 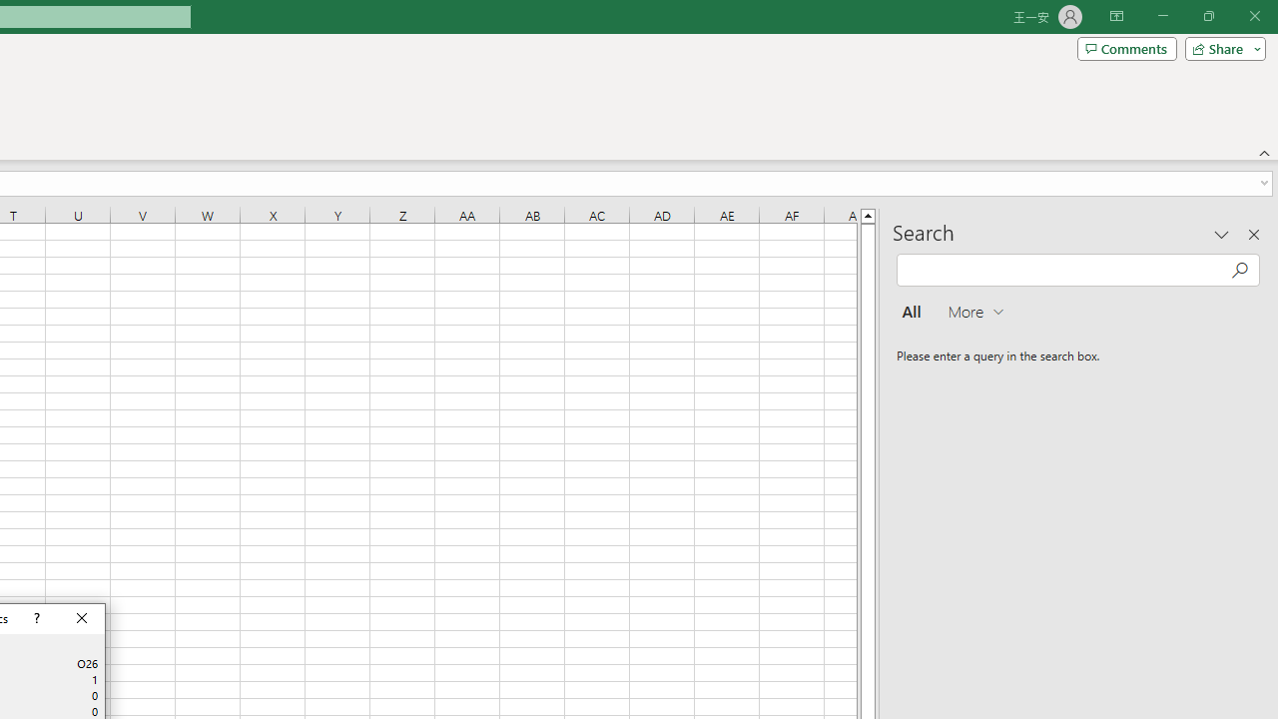 I want to click on 'Close pane', so click(x=1253, y=234).